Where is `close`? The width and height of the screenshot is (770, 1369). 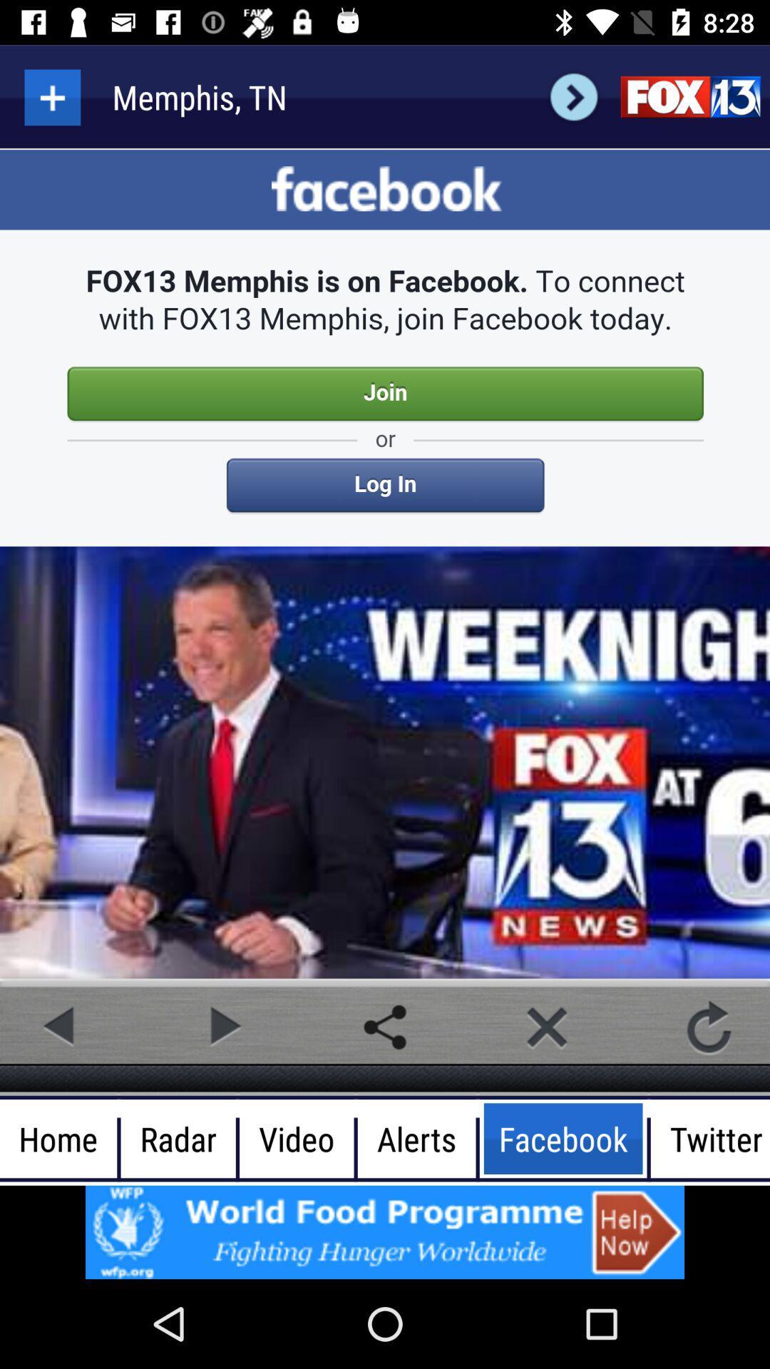 close is located at coordinates (546, 1027).